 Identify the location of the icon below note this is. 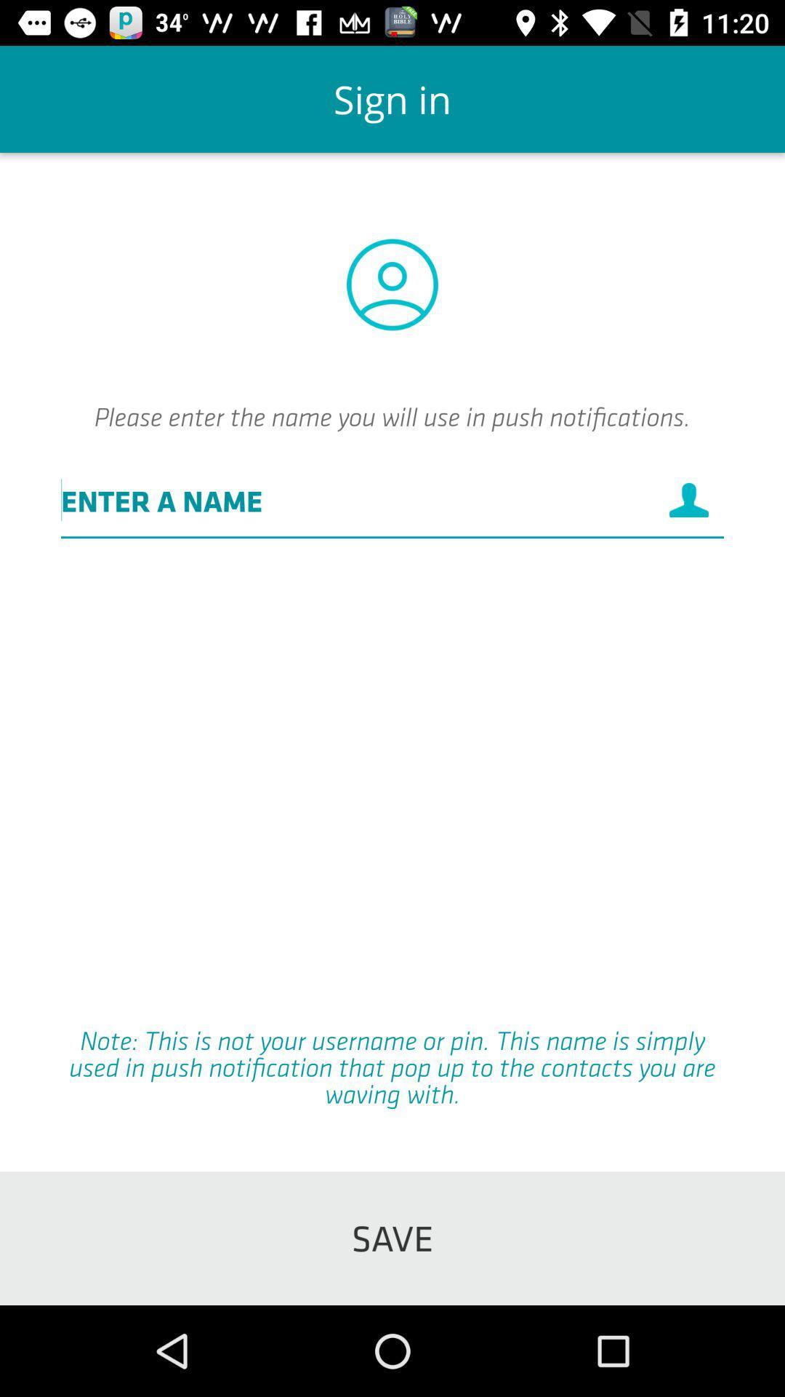
(392, 1238).